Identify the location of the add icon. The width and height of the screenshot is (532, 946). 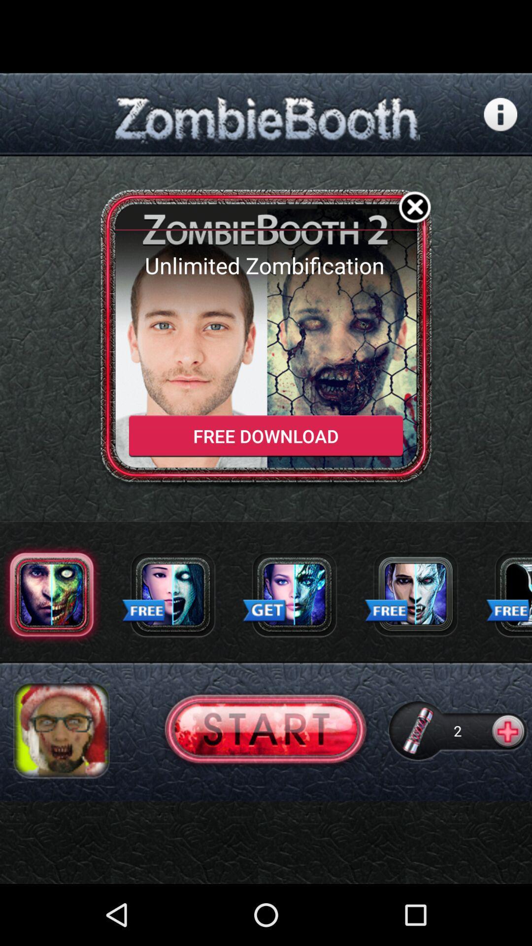
(509, 781).